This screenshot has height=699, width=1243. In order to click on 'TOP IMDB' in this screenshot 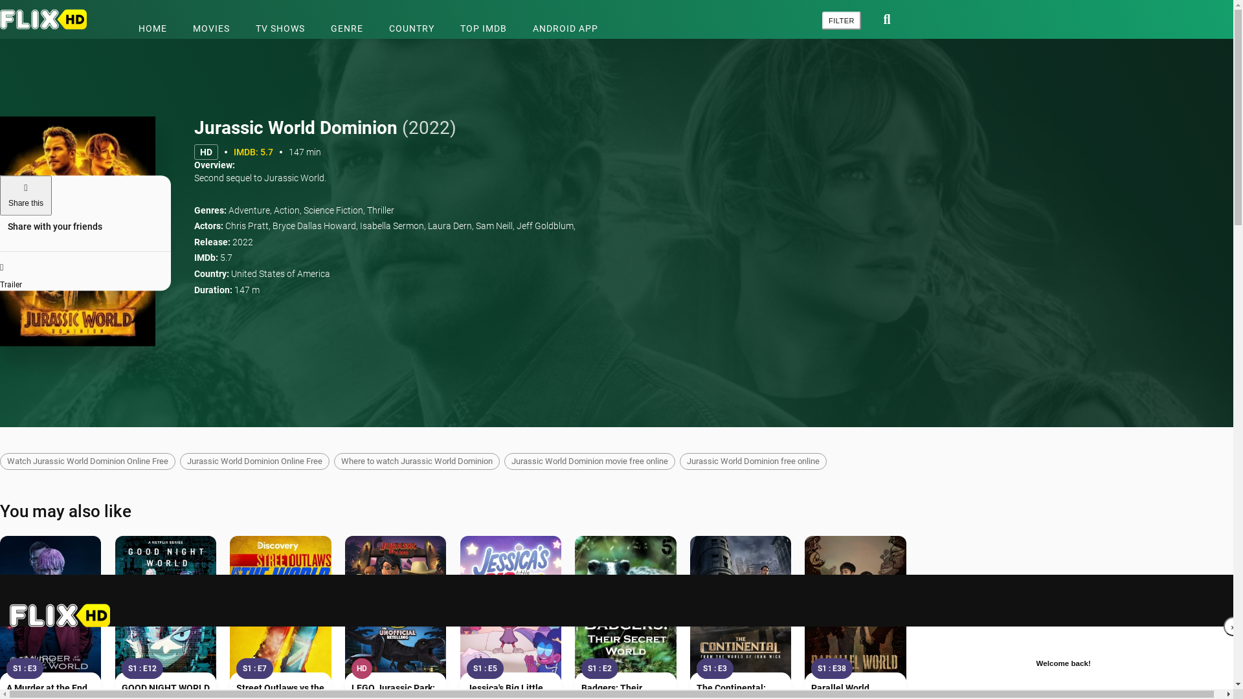, I will do `click(483, 28)`.